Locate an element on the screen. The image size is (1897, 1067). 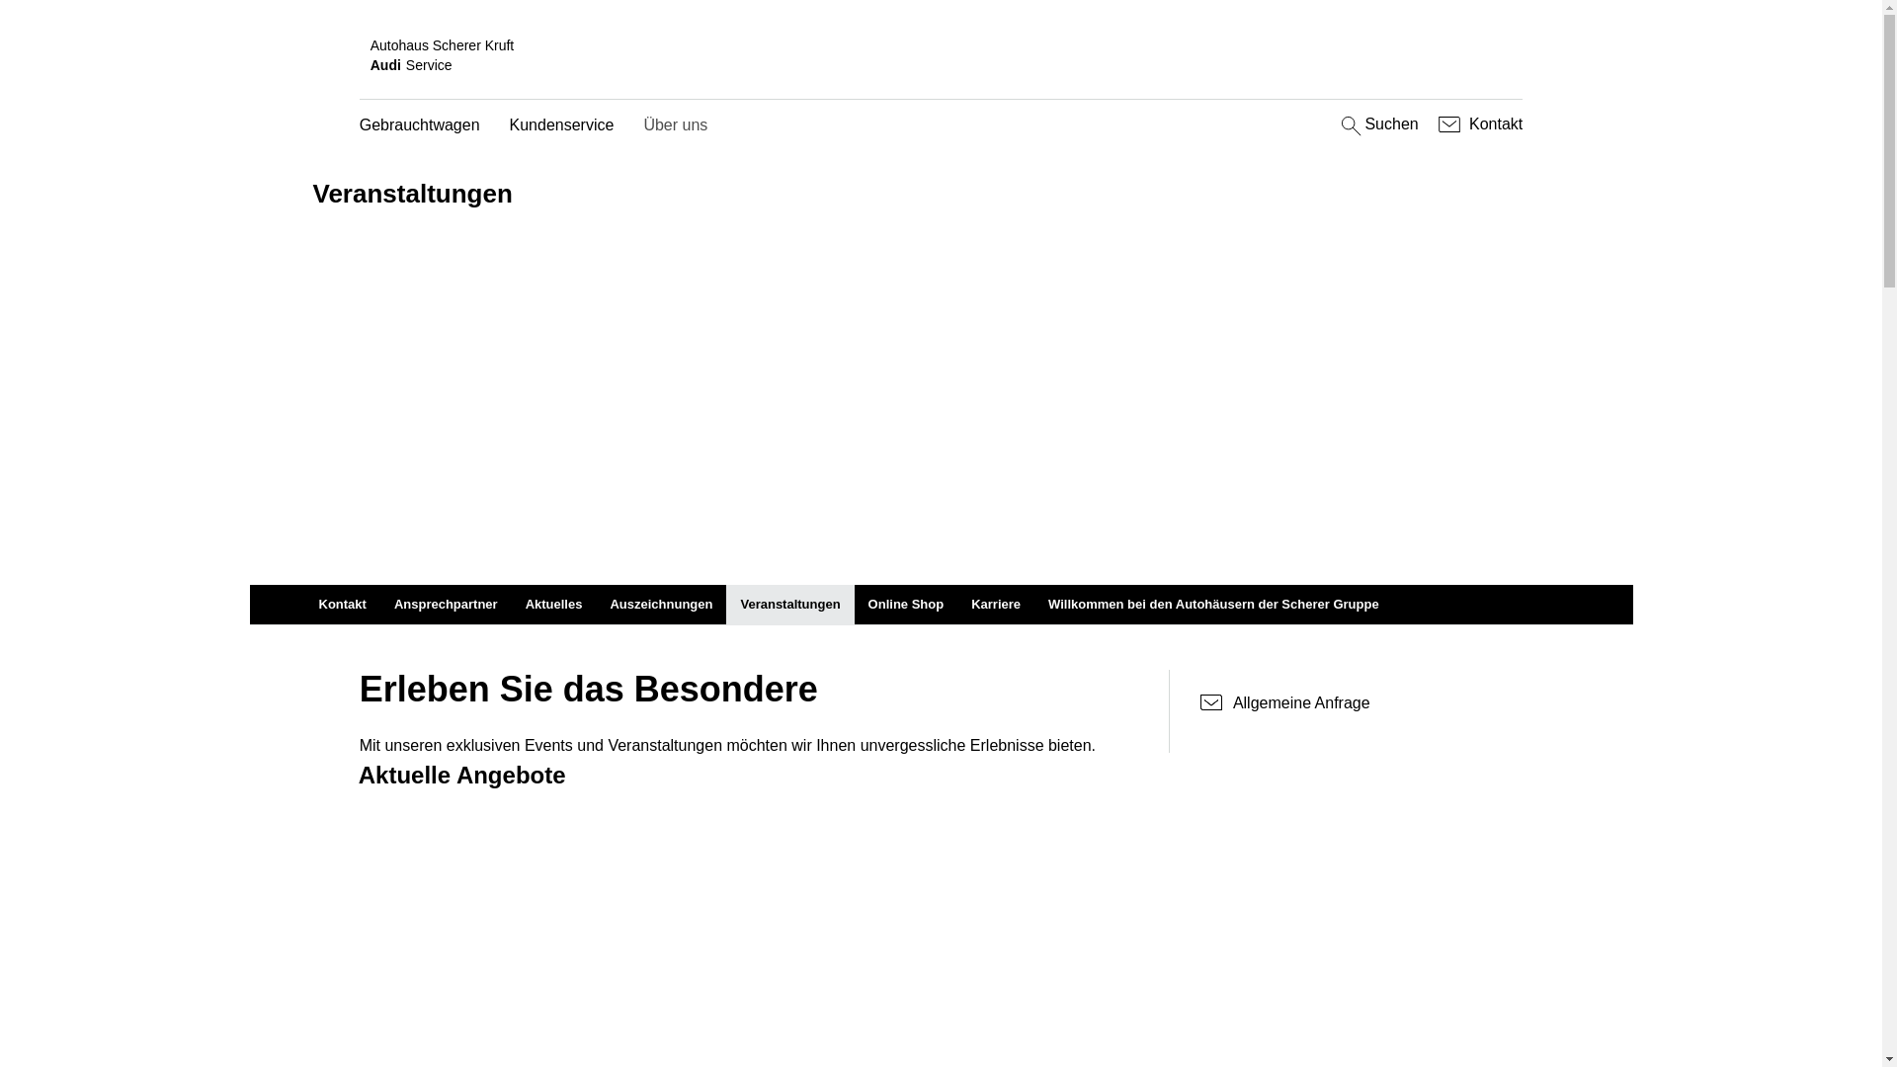
'Suchen' is located at coordinates (1375, 124).